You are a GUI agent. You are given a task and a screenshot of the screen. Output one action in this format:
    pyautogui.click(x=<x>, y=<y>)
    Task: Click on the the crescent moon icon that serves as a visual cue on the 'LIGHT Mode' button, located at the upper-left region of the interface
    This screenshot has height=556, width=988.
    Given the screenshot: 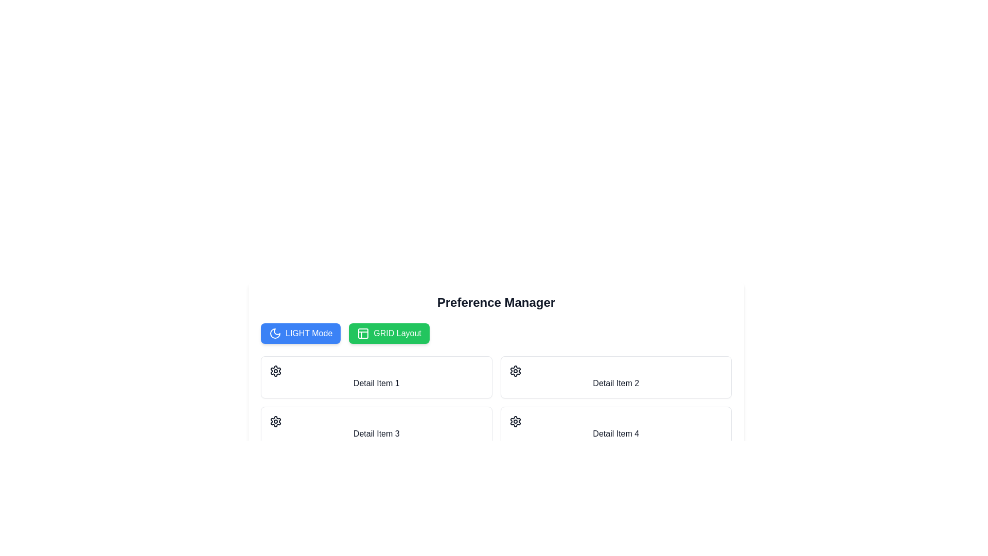 What is the action you would take?
    pyautogui.click(x=275, y=334)
    